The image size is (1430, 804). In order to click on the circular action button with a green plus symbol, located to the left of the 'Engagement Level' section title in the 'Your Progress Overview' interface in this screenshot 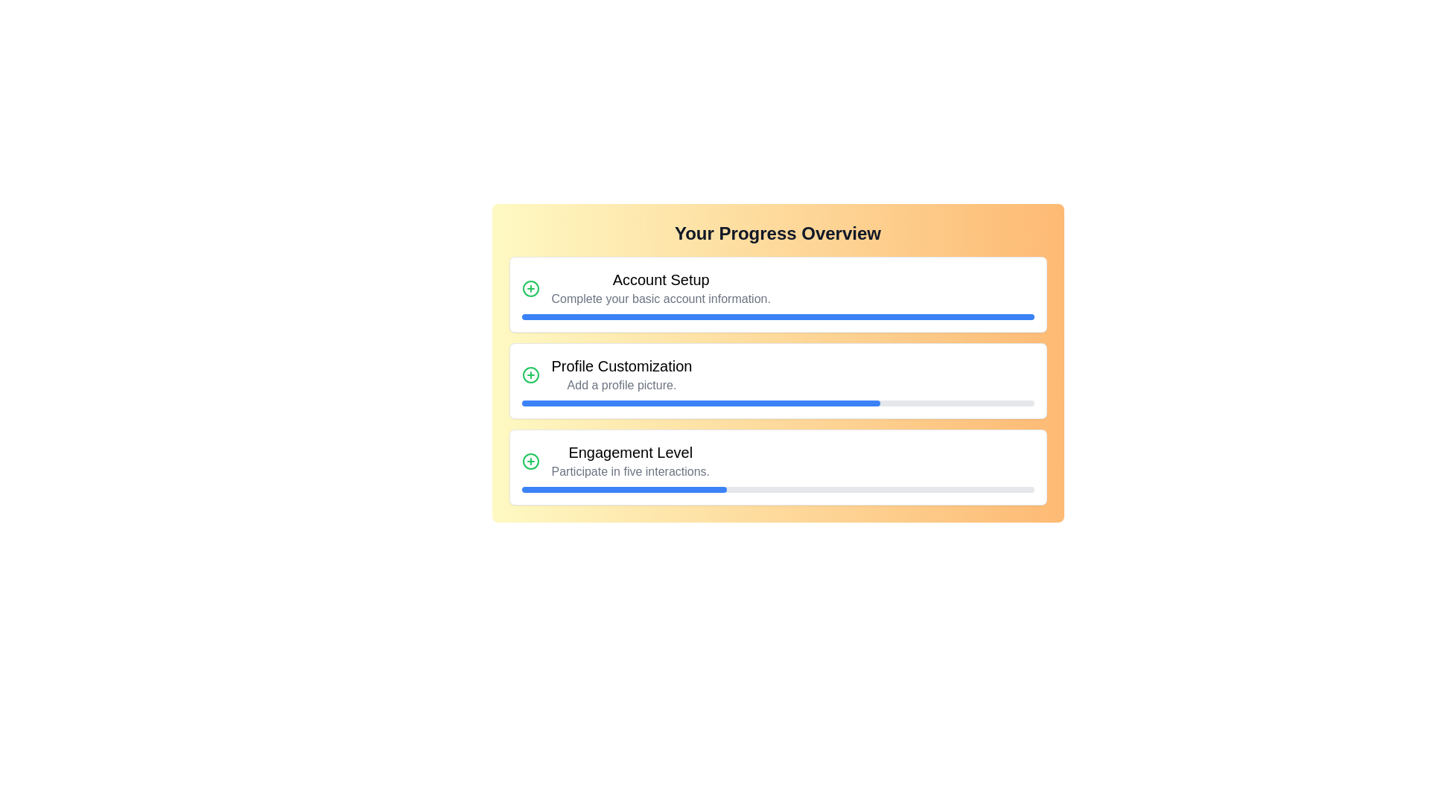, I will do `click(530, 461)`.